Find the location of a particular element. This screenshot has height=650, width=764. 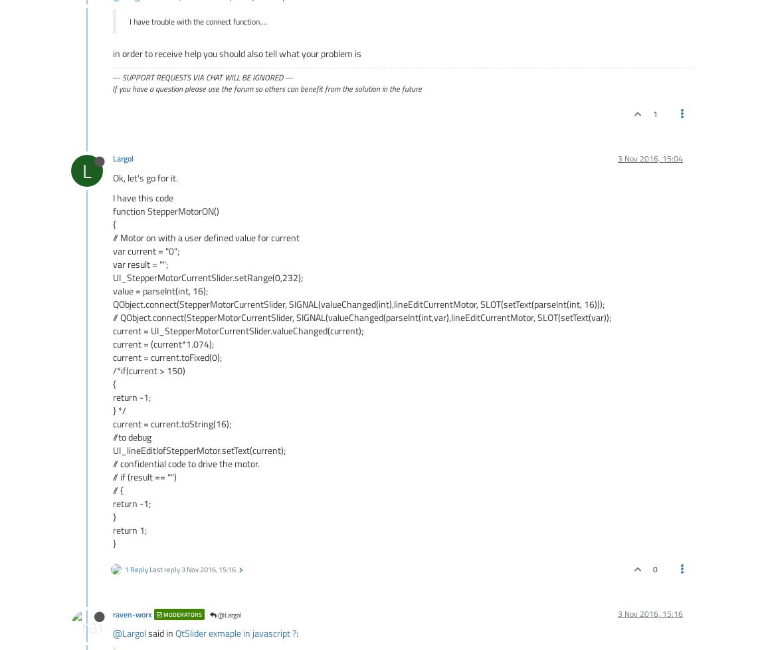

'If you have a question please use the forum so others can benefit from the solution in the future' is located at coordinates (267, 88).